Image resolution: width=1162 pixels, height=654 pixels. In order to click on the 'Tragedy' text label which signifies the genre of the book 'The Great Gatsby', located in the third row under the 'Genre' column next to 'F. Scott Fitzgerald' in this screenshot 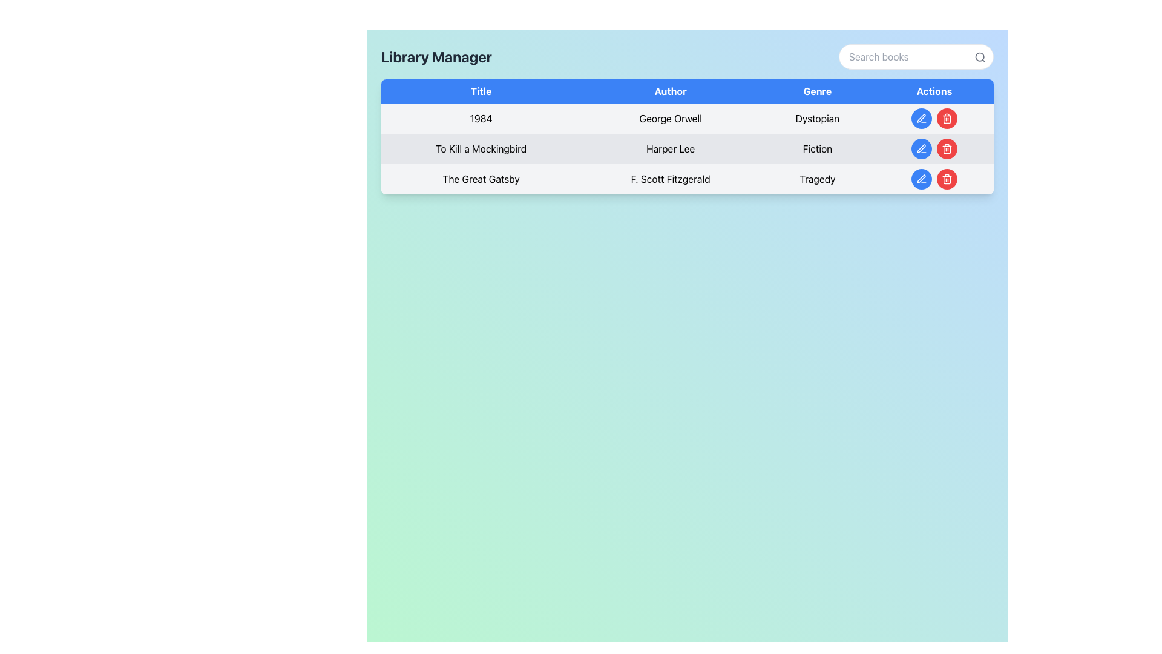, I will do `click(817, 179)`.